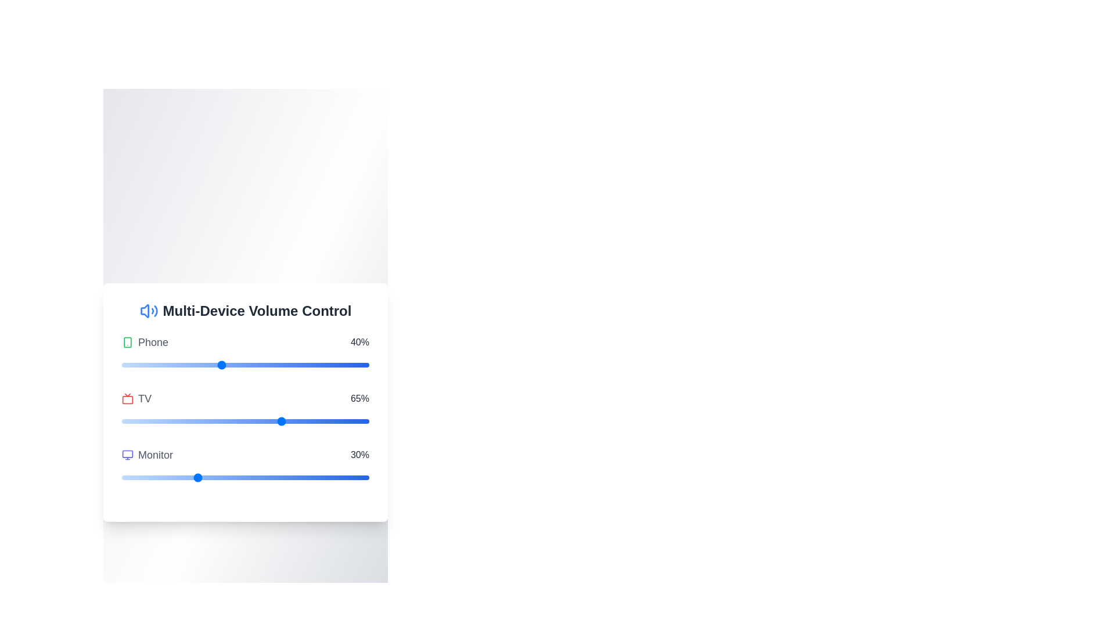 This screenshot has height=627, width=1115. Describe the element at coordinates (290, 364) in the screenshot. I see `the volume slider` at that location.